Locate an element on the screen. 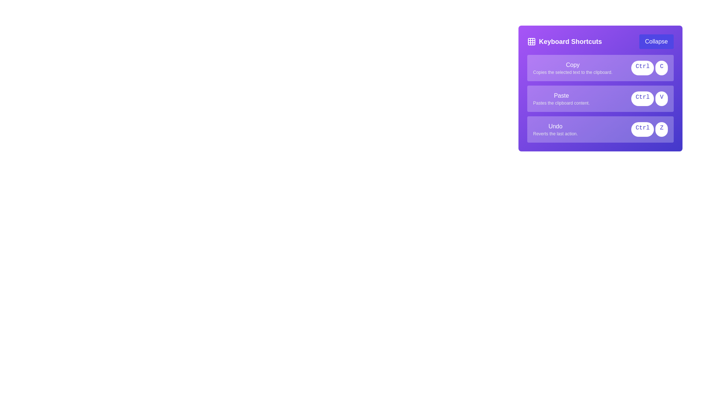 This screenshot has width=703, height=395. the Keyboard Shortcut Indicator that visually represents 'Ctrl + Z' for undo functionality, located near the 'Undo' text at the bottom entry of the 'Keyboard Shortcuts' section is located at coordinates (650, 129).